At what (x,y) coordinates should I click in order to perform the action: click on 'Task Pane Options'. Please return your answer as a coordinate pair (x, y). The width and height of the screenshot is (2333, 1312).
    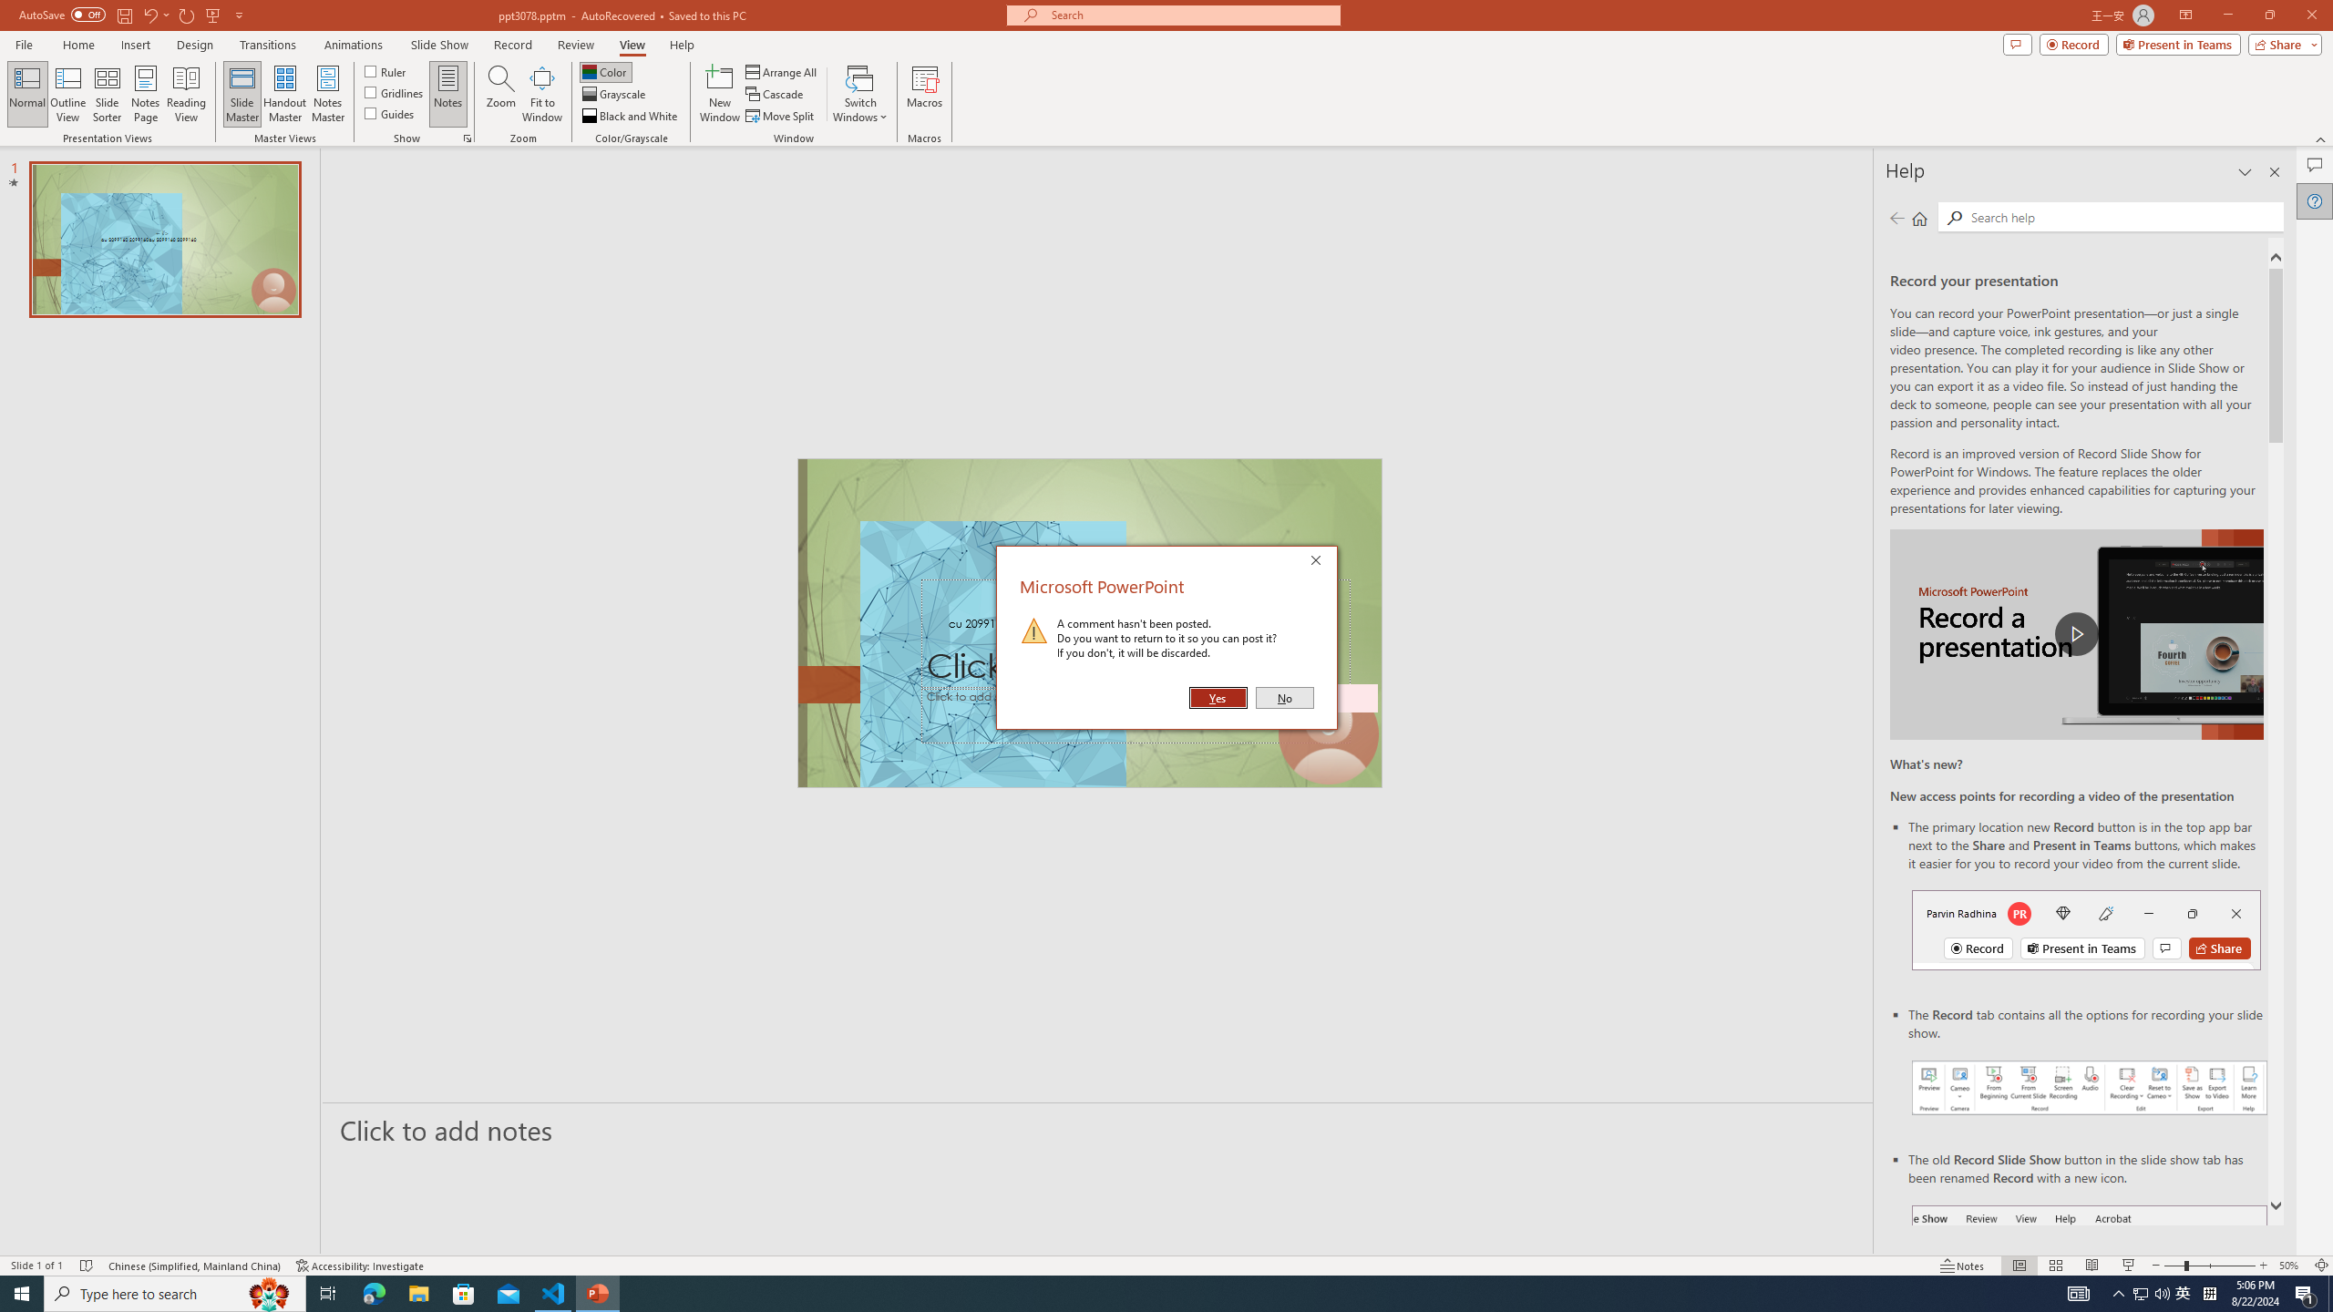
    Looking at the image, I should click on (2245, 171).